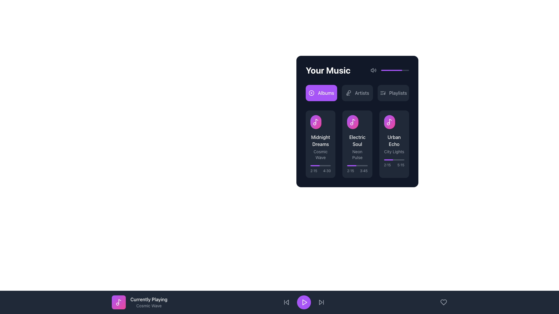  Describe the element at coordinates (316, 122) in the screenshot. I see `music-related function icon located within the circular button at the top-left area of the main content section, above the text 'Midnight Dreams.'` at that location.